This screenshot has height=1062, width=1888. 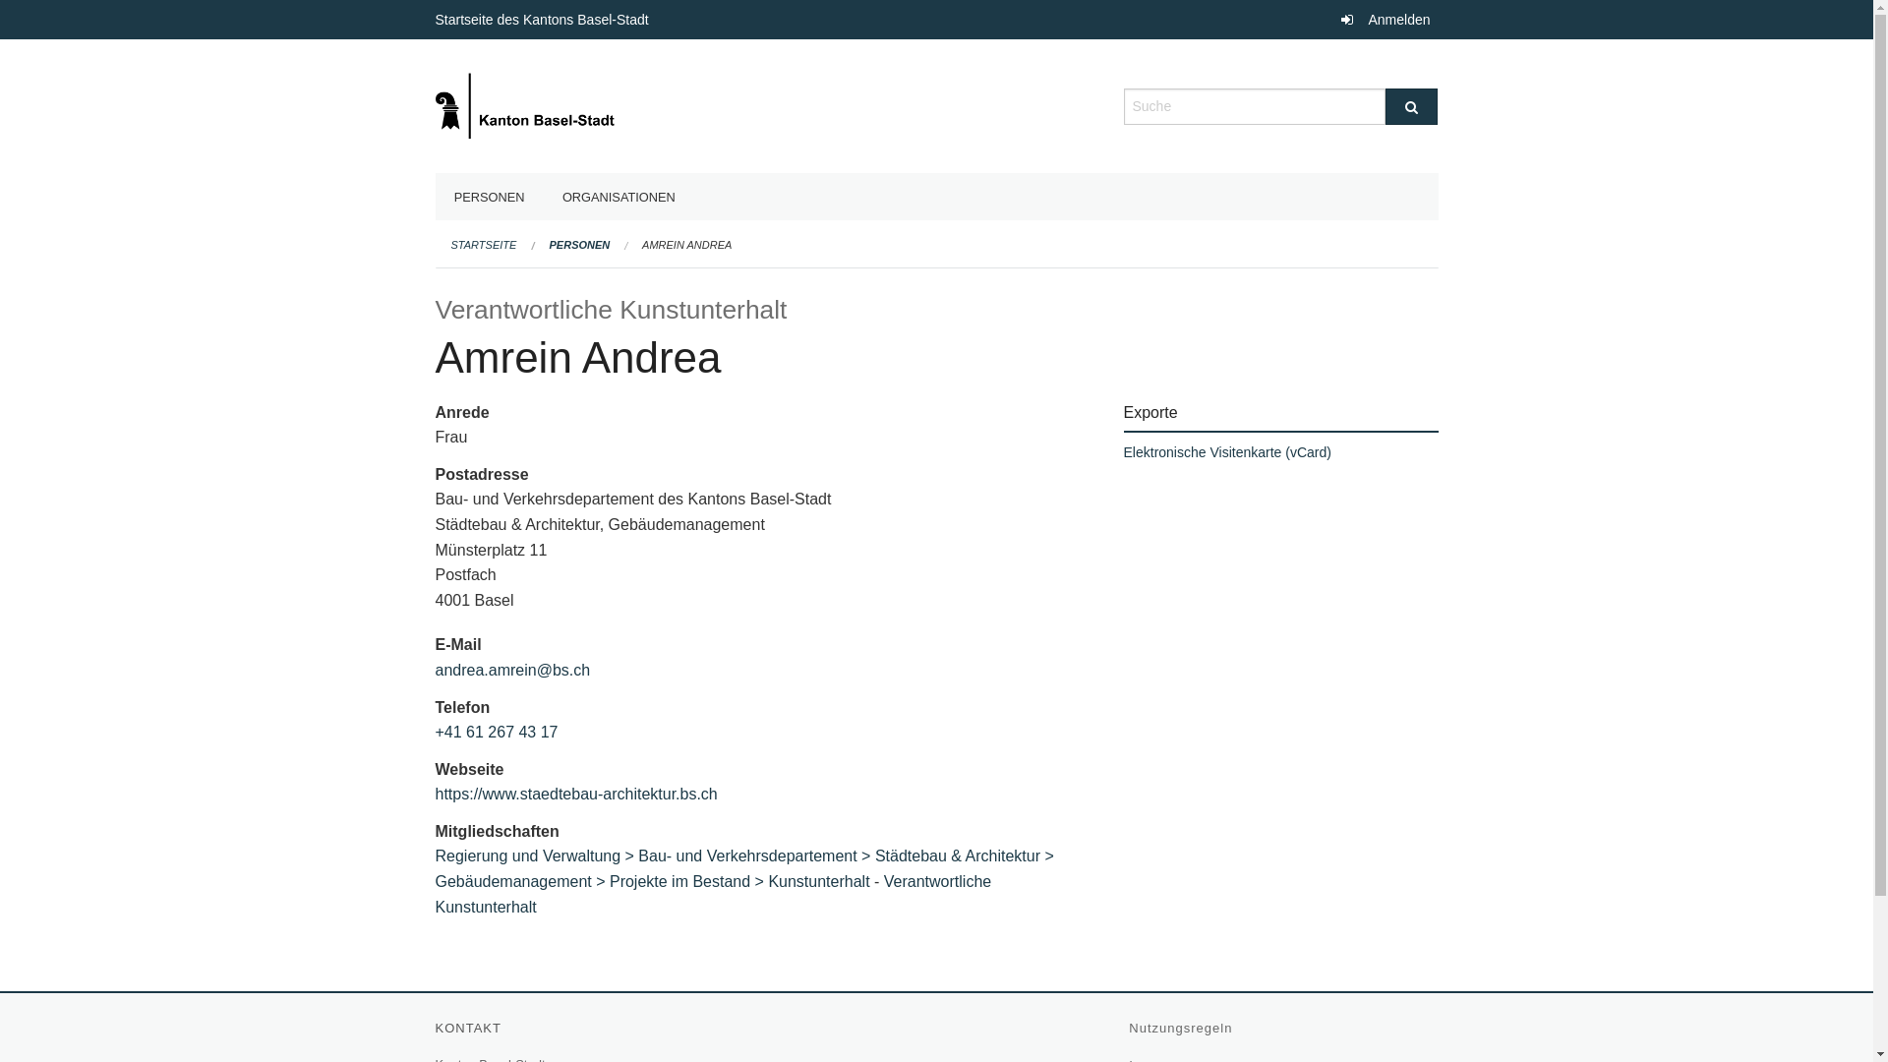 What do you see at coordinates (818, 880) in the screenshot?
I see `'Kunstunterhalt'` at bounding box center [818, 880].